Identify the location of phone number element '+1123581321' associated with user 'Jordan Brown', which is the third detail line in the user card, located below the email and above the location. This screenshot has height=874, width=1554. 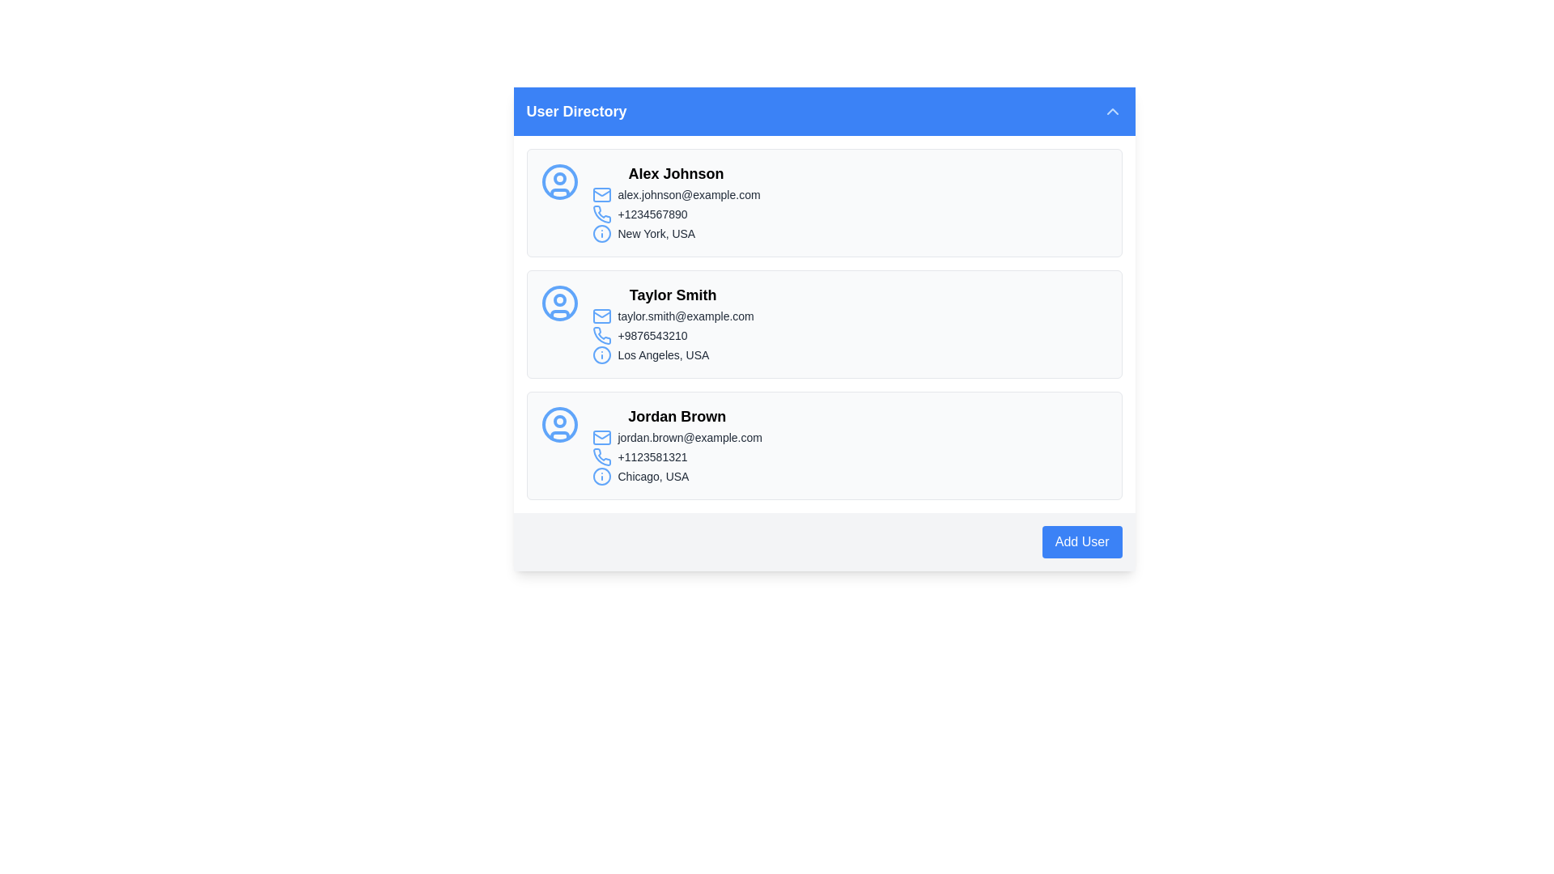
(677, 456).